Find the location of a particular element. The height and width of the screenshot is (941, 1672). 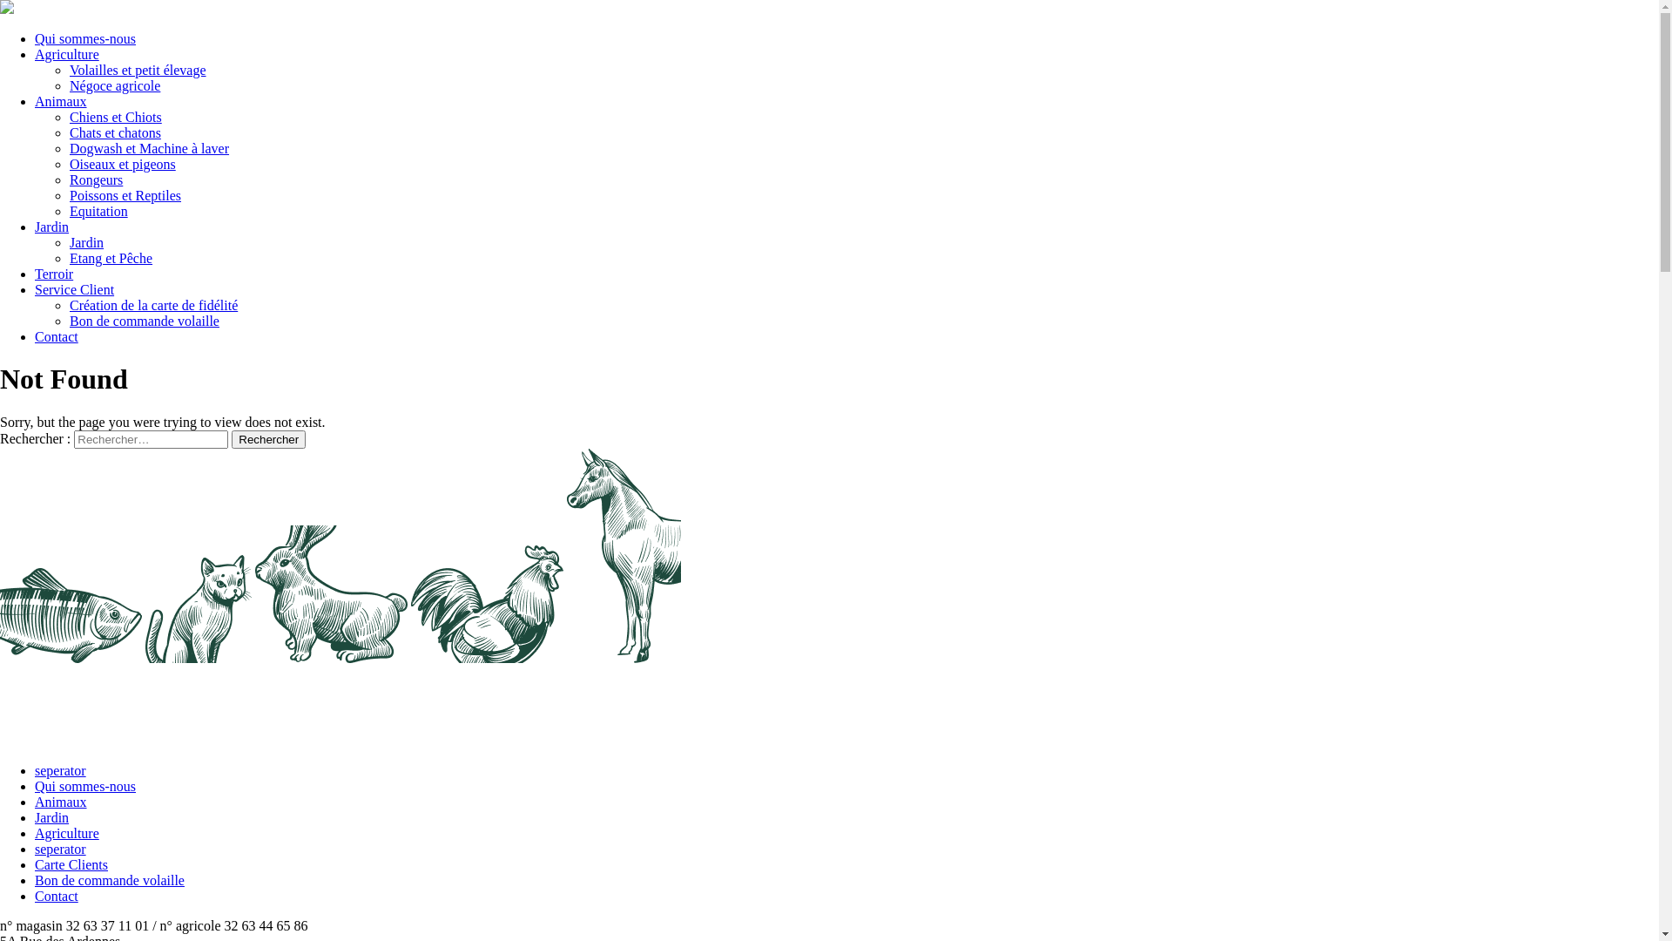

'Chats et chatons' is located at coordinates (70, 132).